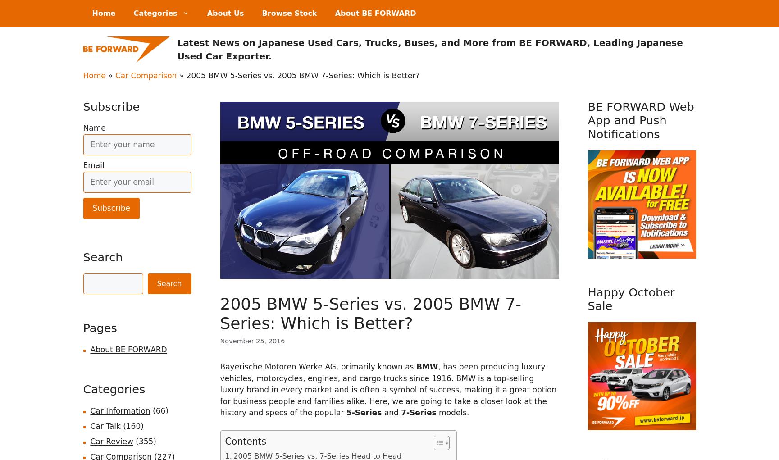  I want to click on 'Car Information', so click(120, 410).